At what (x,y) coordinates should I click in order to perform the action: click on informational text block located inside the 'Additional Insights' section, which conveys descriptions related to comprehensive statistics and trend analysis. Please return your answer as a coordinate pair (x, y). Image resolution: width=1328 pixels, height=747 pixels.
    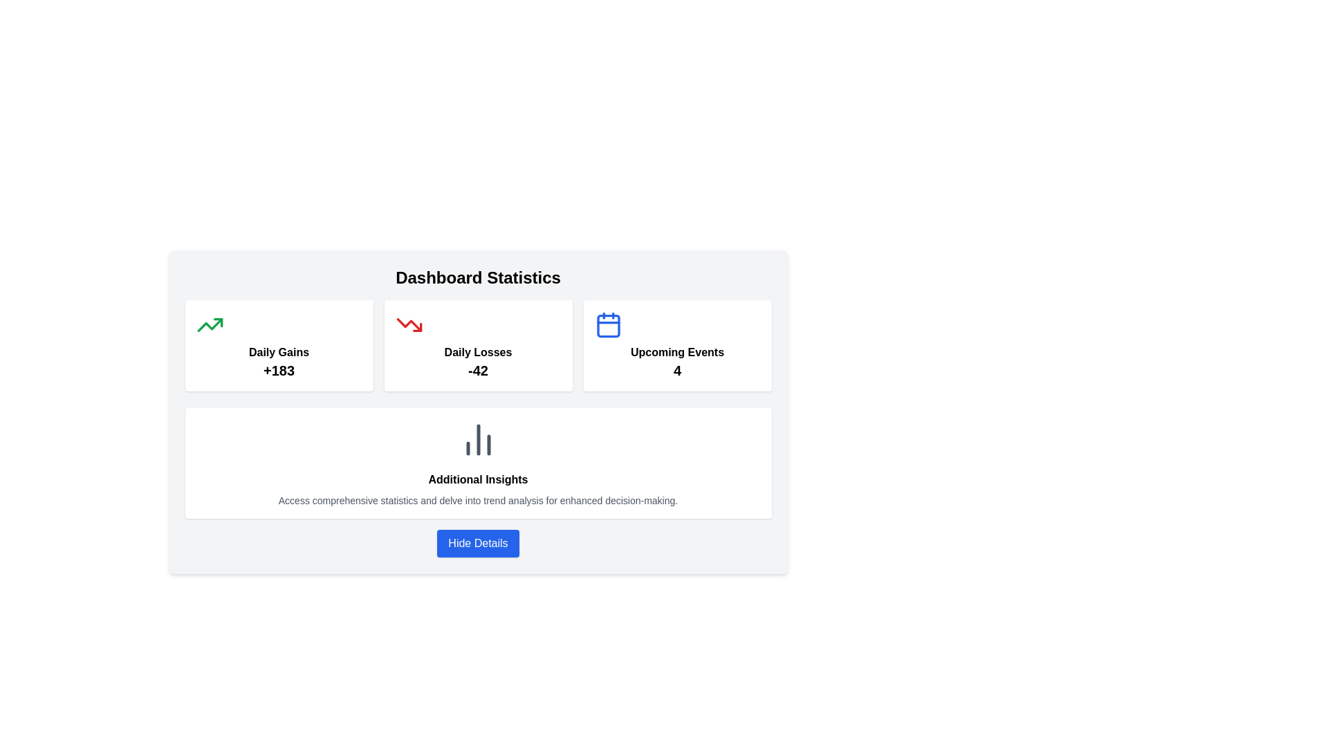
    Looking at the image, I should click on (478, 501).